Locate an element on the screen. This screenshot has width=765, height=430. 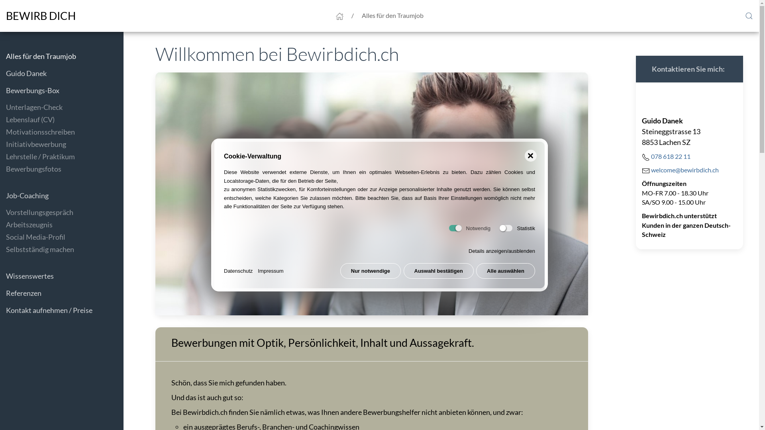
'Details anzeigen/ausblenden' is located at coordinates (501, 251).